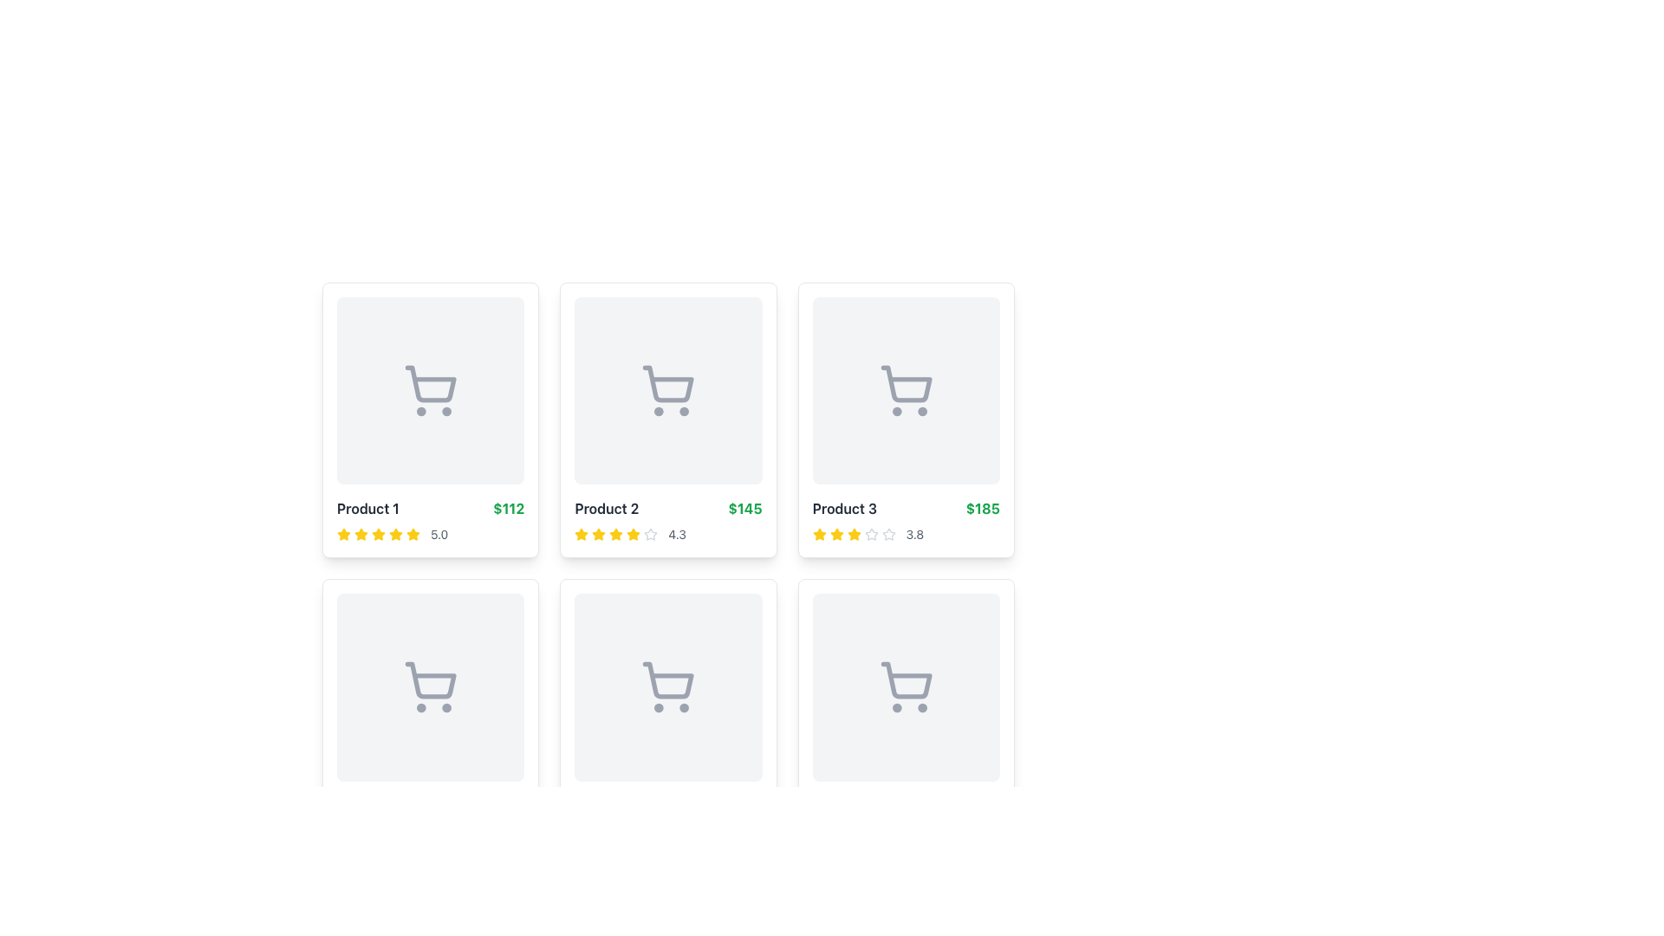 This screenshot has width=1664, height=936. I want to click on the fifth yellow star icon in the rating row under the 'Product 1' card in the top left corner of the grid-based product layout, so click(344, 534).